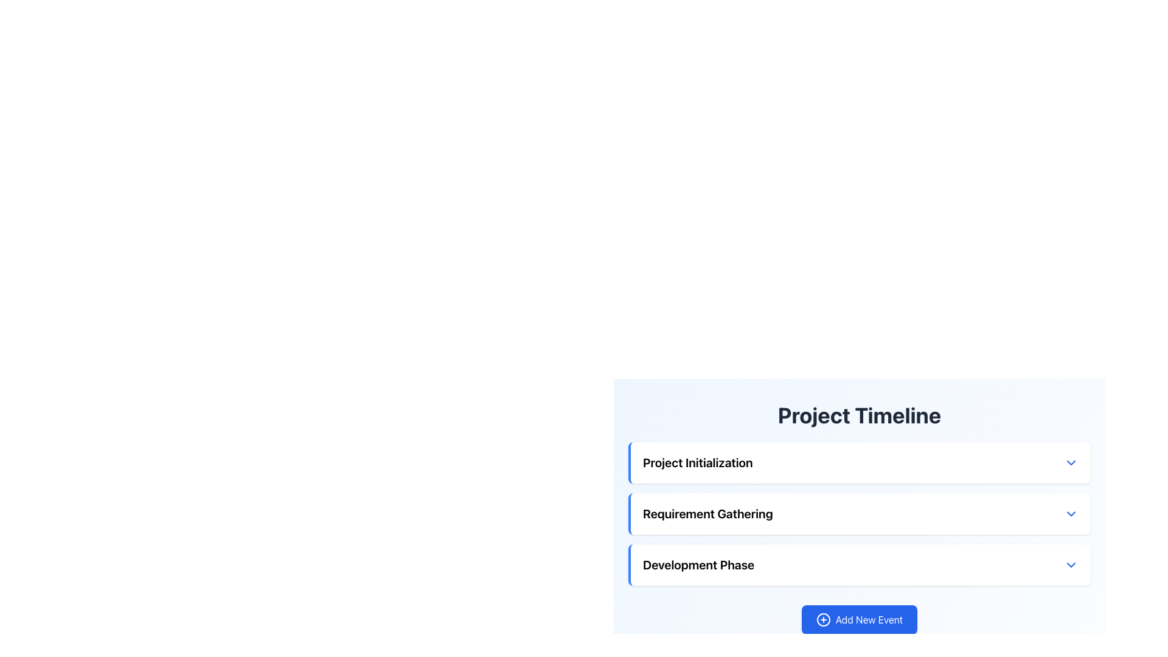 Image resolution: width=1168 pixels, height=657 pixels. What do you see at coordinates (698, 565) in the screenshot?
I see `the 'Development Phase' text label, which indicates a specific phase in the project timeline and is the third item in the steps tracker of the 'Project Timeline' list` at bounding box center [698, 565].